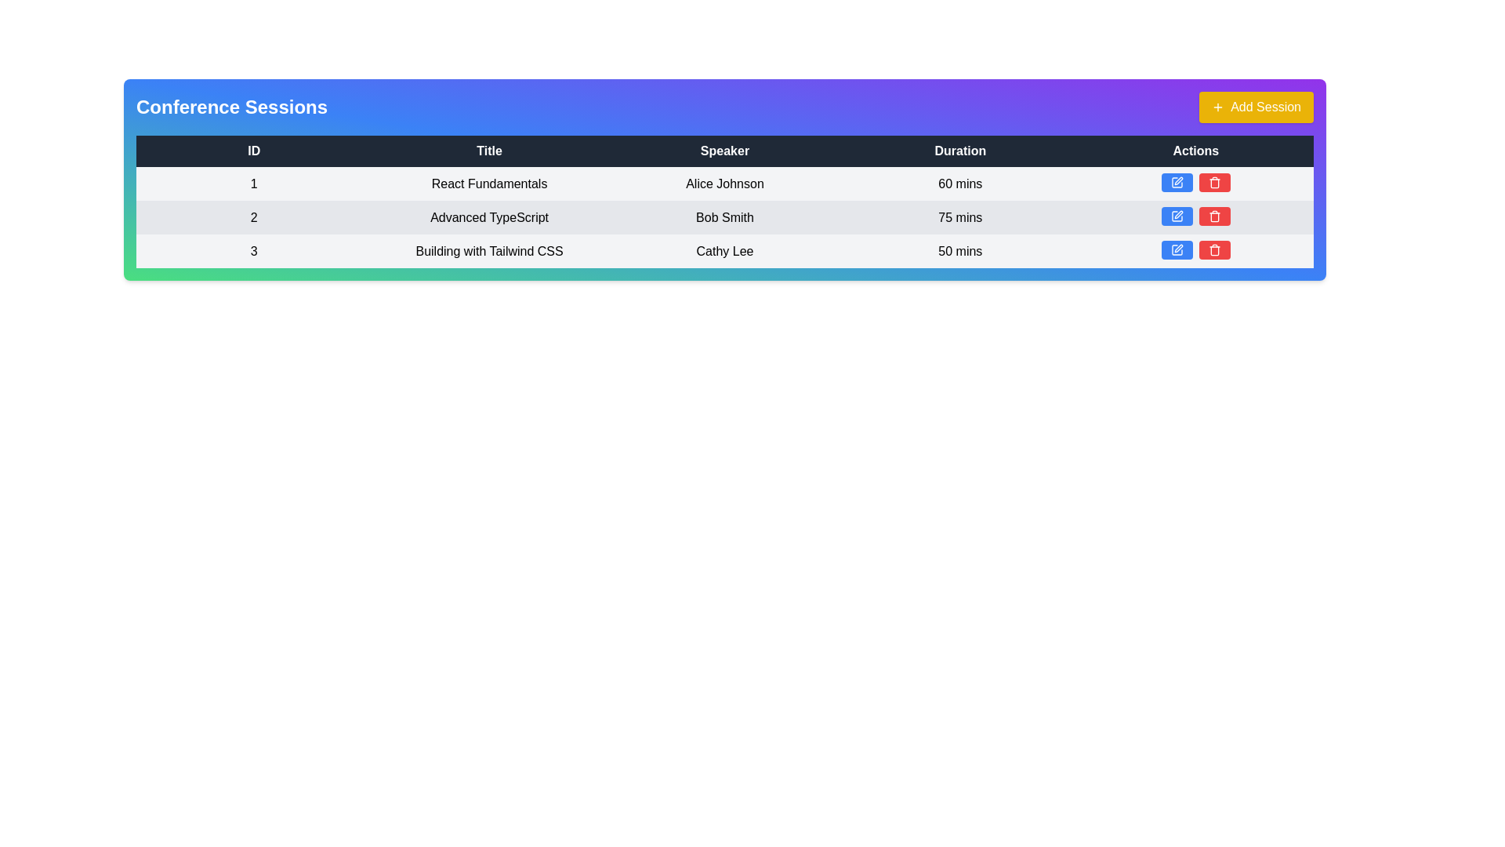  What do you see at coordinates (959, 151) in the screenshot?
I see `the static text label indicating the 'Duration' column, which is the fourth label in a horizontal row at the top of the table, positioned between 'Speaker' and 'Actions'` at bounding box center [959, 151].